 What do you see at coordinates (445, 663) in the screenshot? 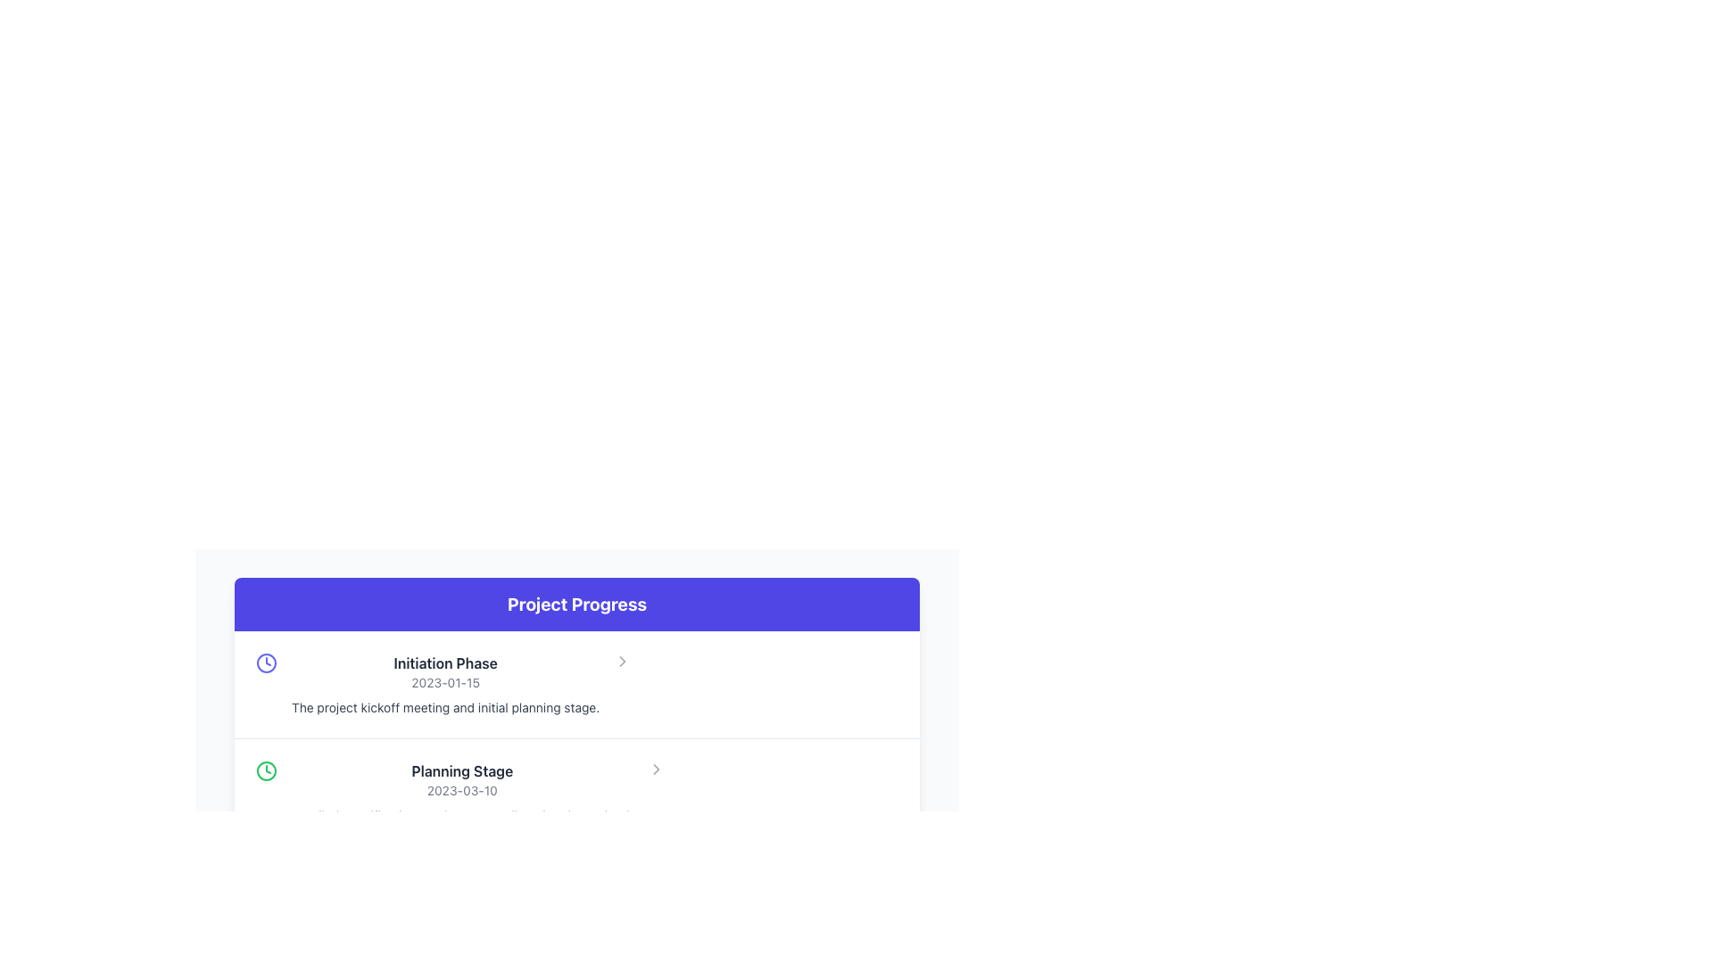
I see `the Text Header element displaying 'Initiation Phase' in bold within the 'Project Progress' section` at bounding box center [445, 663].